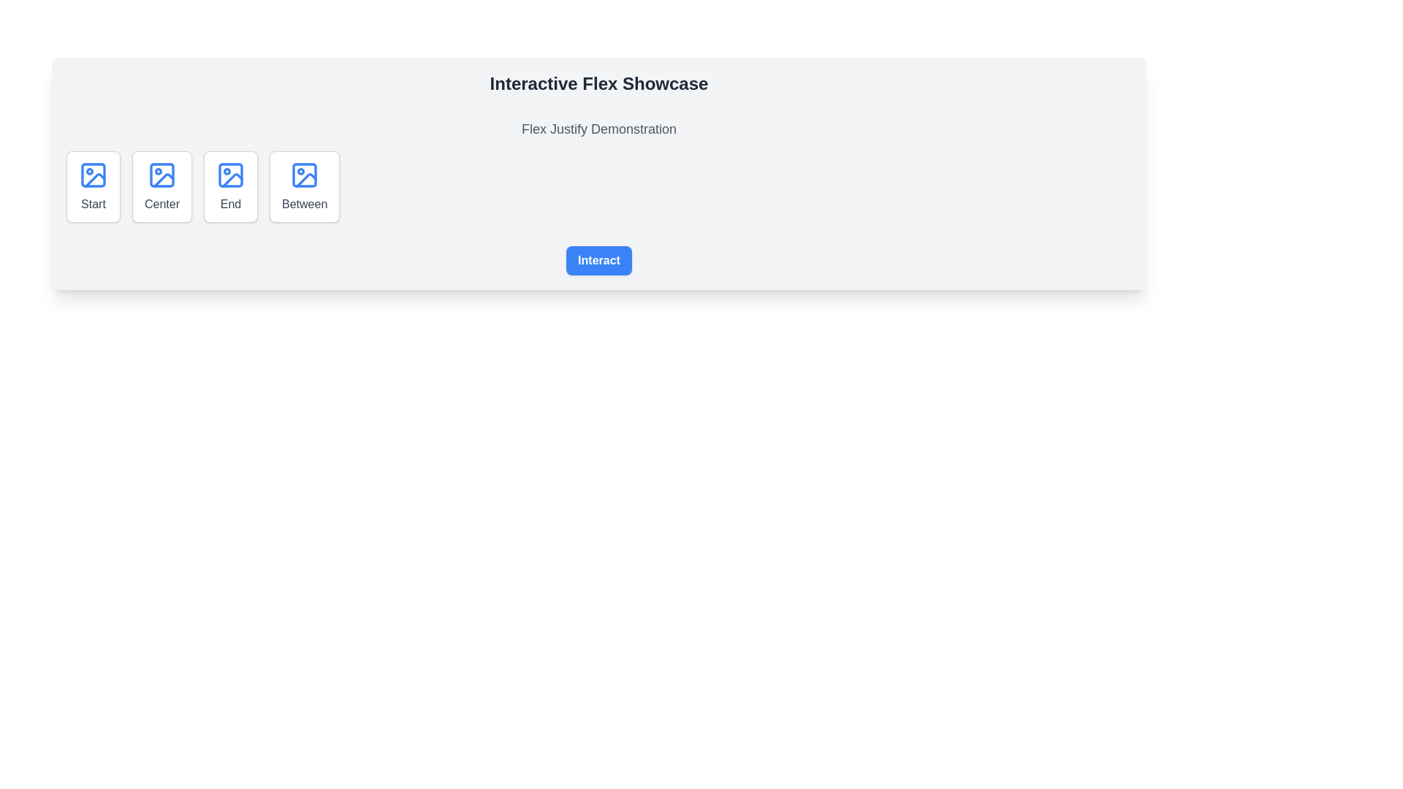  Describe the element at coordinates (230, 174) in the screenshot. I see `the decorative icon located under the 'End' labeled box in the grid layout` at that location.